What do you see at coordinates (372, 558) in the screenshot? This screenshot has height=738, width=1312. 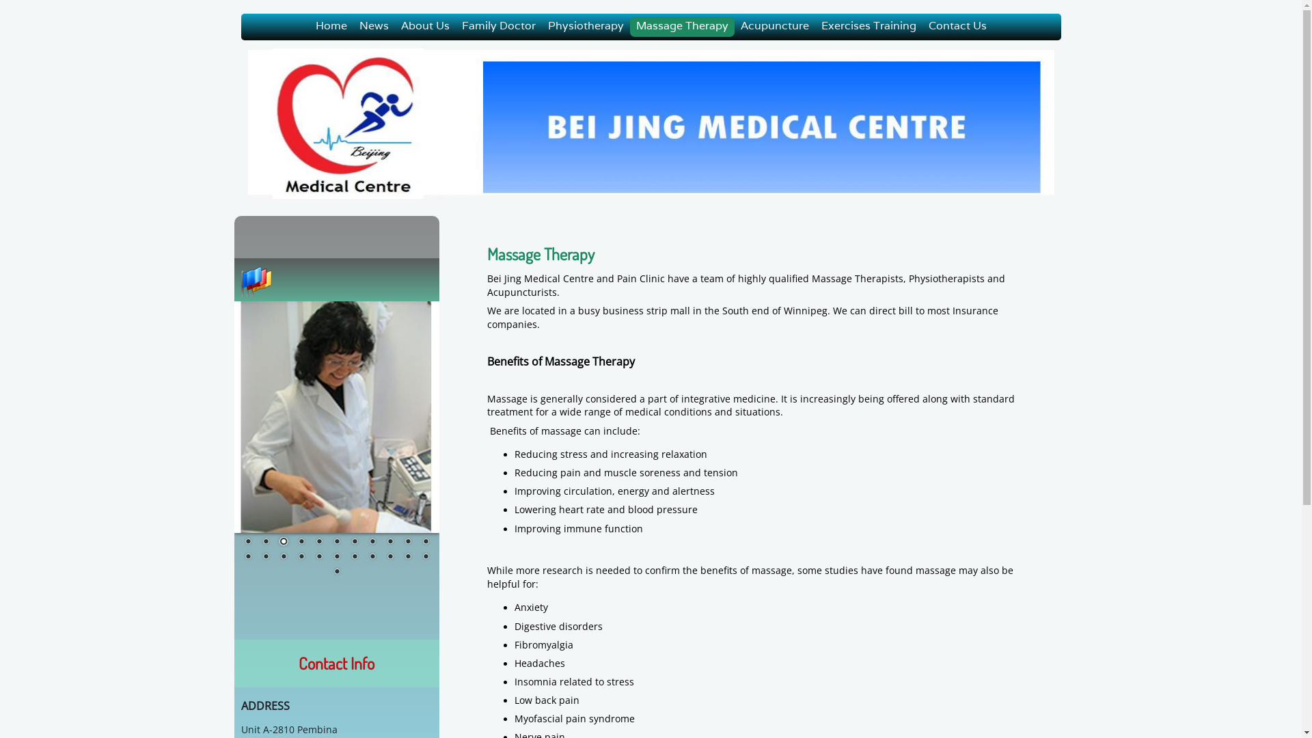 I see `'19'` at bounding box center [372, 558].